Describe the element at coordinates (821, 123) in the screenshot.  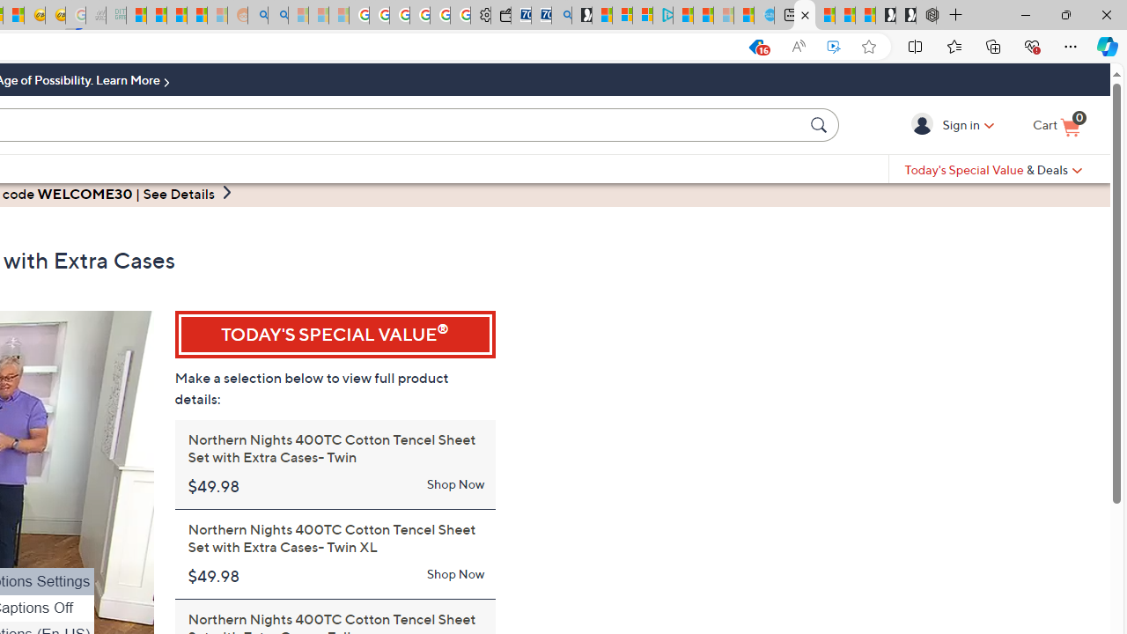
I see `'Search Submit'` at that location.